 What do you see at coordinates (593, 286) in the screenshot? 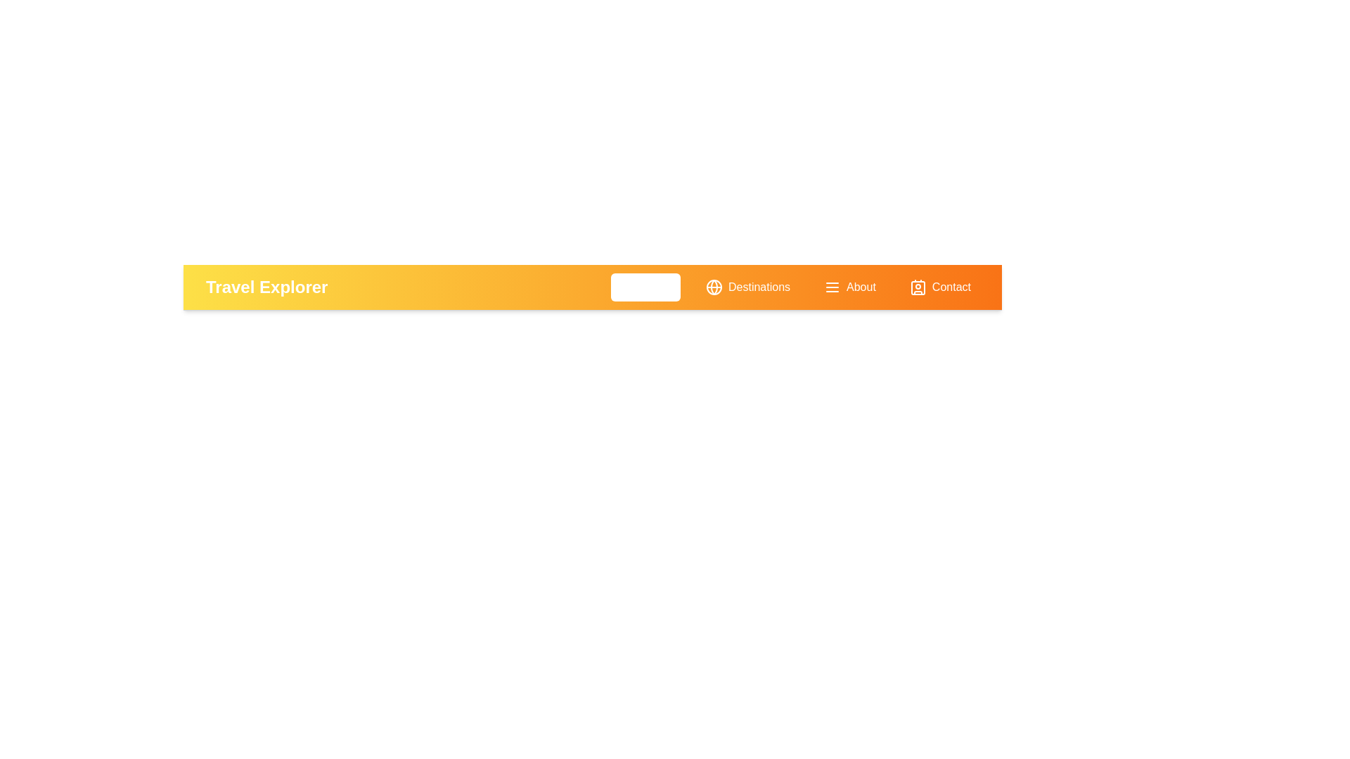
I see `'Travel Explorer' navigation bar for developer tools by targeting the center of the navigation bar, which has a gradient background and includes options like 'Home', 'Destinations', 'About', and 'Contact'` at bounding box center [593, 286].